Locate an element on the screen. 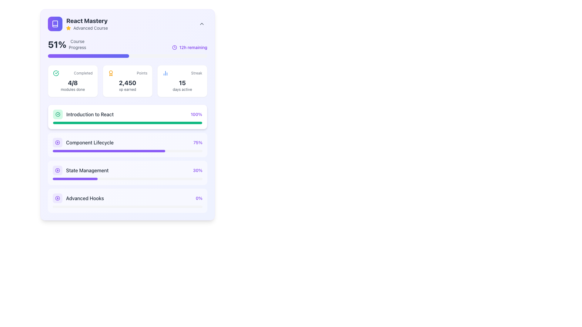 The height and width of the screenshot is (327, 582). the collapse button located in the top-right corner of the 'React Mastery Advanced Course' section to hide the menu is located at coordinates (202, 23).